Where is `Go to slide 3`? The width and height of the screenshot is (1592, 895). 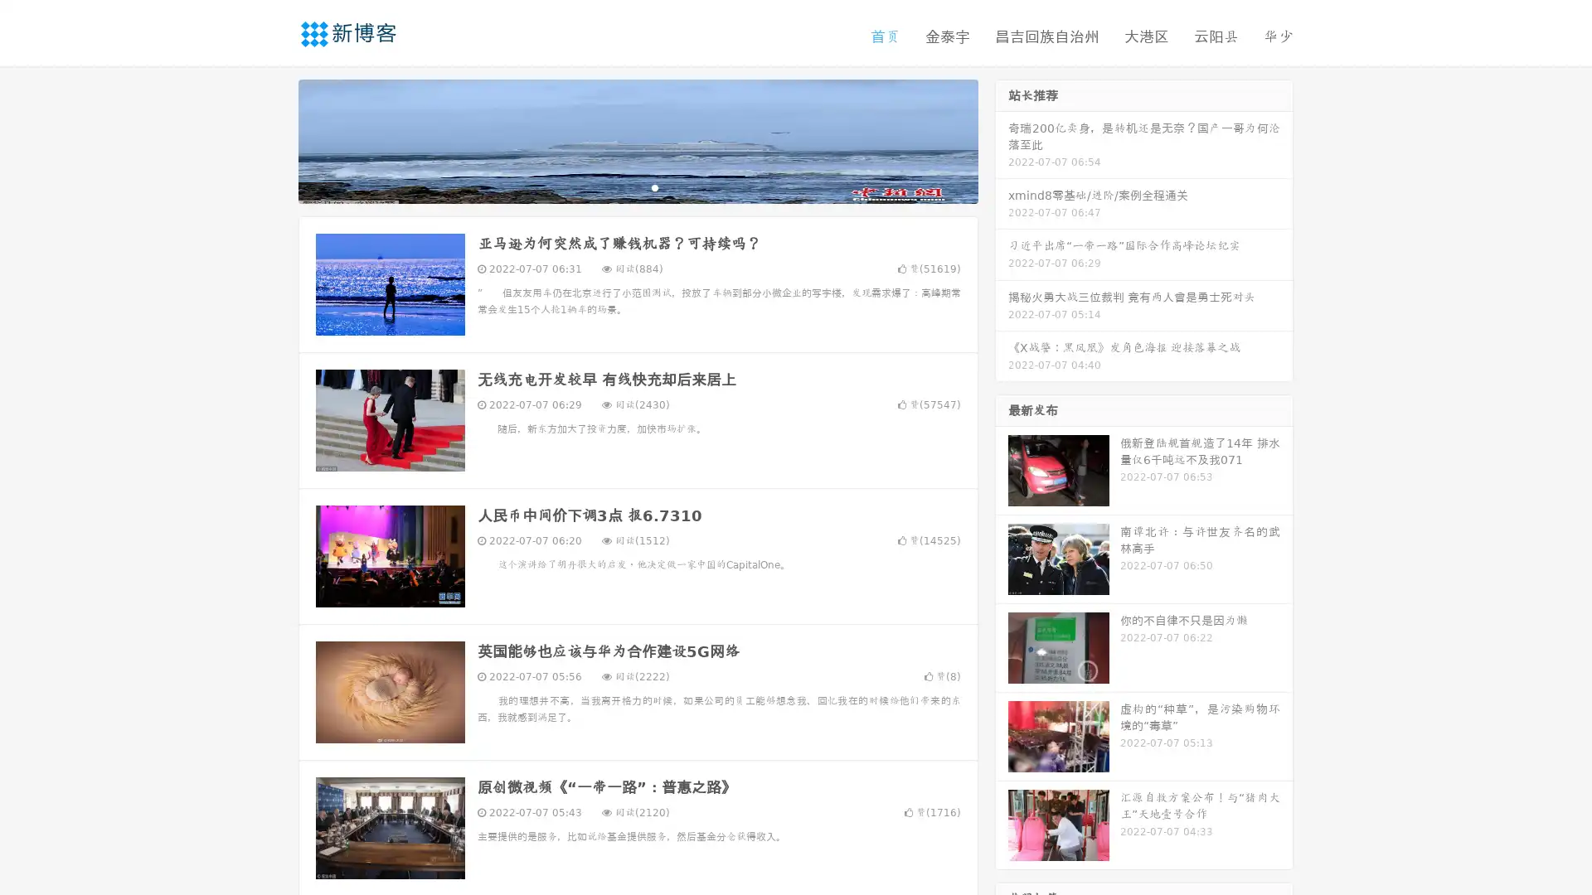 Go to slide 3 is located at coordinates (654, 186).